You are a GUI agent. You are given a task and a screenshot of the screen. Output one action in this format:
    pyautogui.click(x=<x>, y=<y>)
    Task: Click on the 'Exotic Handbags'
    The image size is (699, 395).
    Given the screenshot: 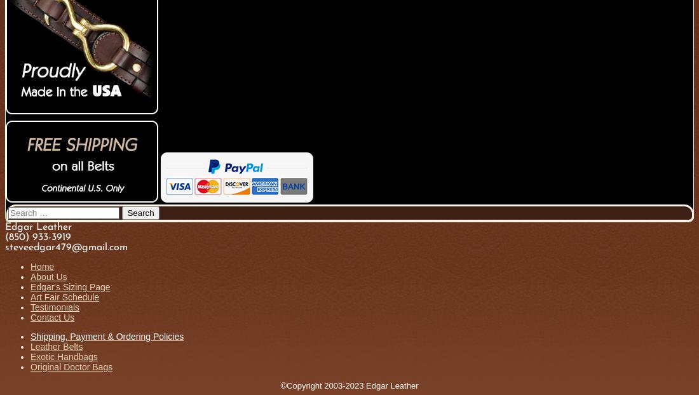 What is the action you would take?
    pyautogui.click(x=64, y=356)
    